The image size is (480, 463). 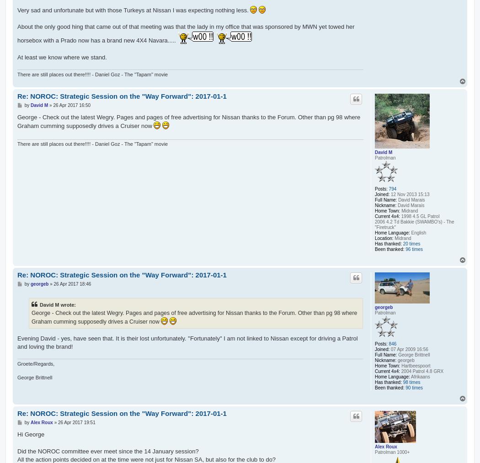 I want to click on '12 Nov 2013 15:13', so click(x=389, y=194).